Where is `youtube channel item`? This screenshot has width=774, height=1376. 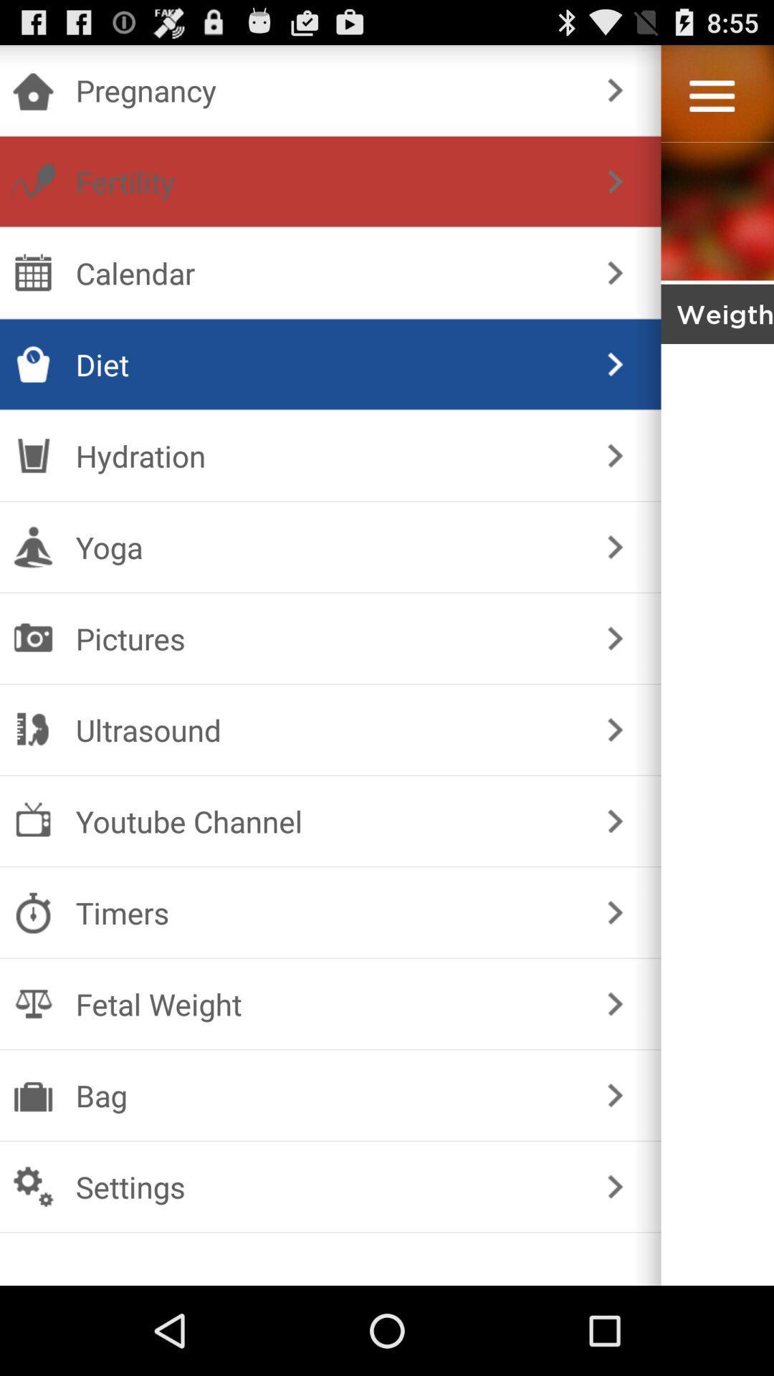
youtube channel item is located at coordinates (328, 821).